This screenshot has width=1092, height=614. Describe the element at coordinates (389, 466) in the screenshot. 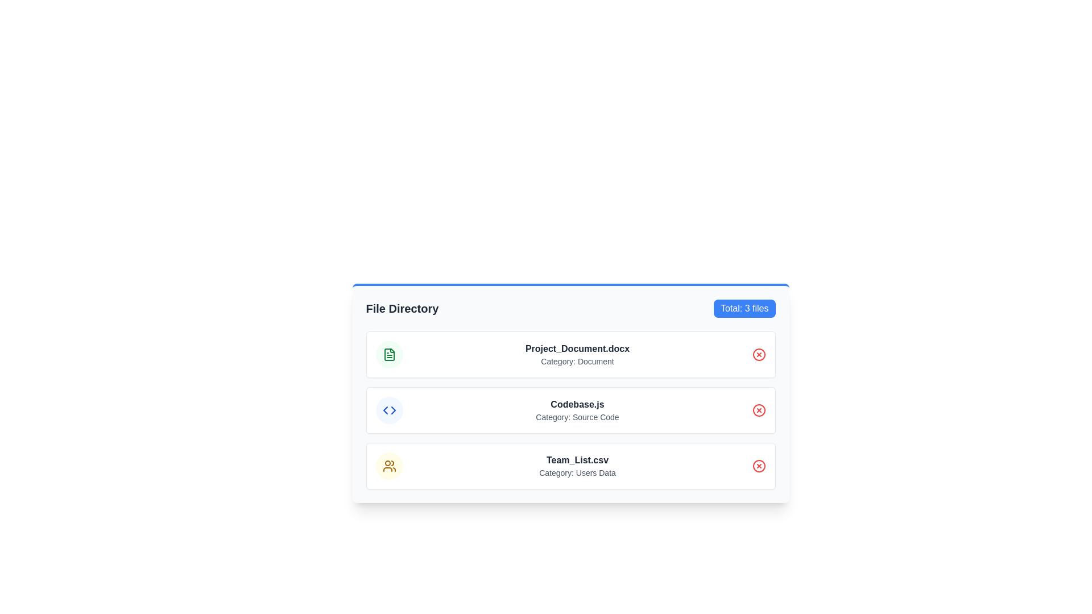

I see `the red circular icon depicting two user figures within the yellow circular background, located in the third row of the file list for 'Team_List.csv'` at that location.